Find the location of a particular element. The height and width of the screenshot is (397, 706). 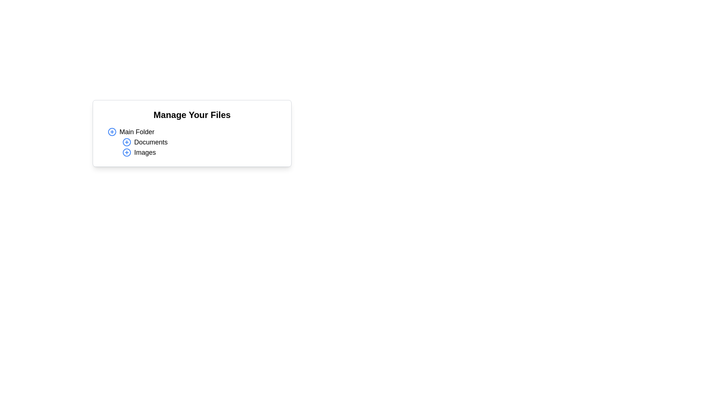

the heading element that reads 'Manage Your Files', which is displayed prominently in a large, bold font and serves as the title for the component is located at coordinates (192, 115).